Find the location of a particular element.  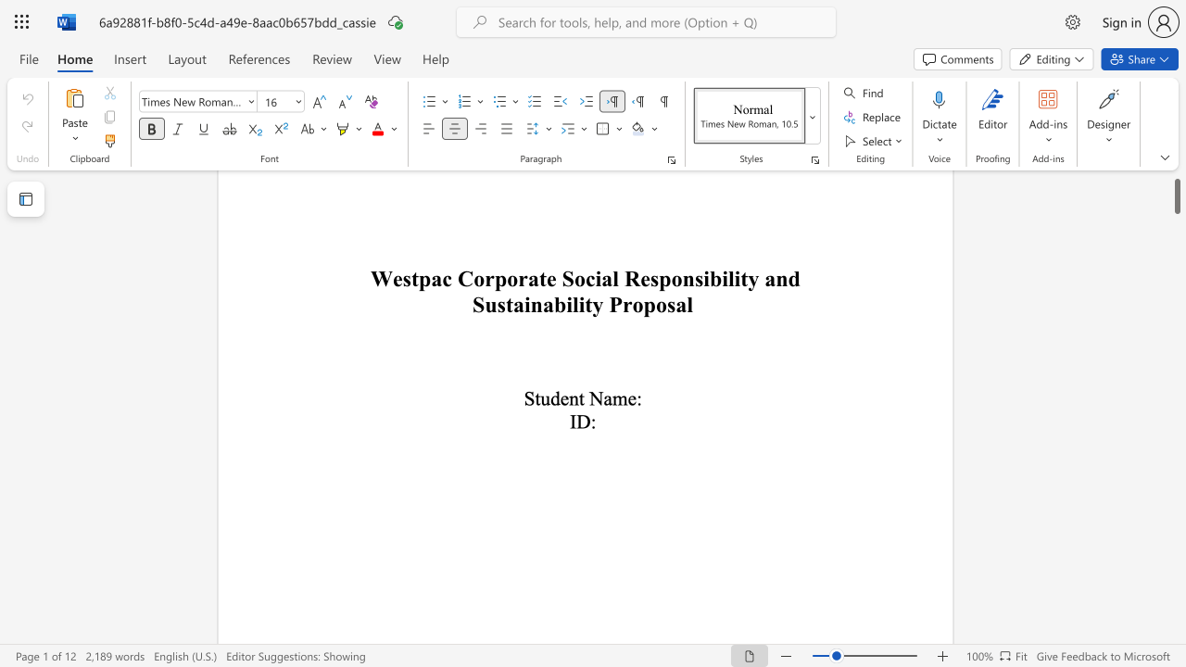

the scrollbar and move up 60 pixels is located at coordinates (1176, 182).